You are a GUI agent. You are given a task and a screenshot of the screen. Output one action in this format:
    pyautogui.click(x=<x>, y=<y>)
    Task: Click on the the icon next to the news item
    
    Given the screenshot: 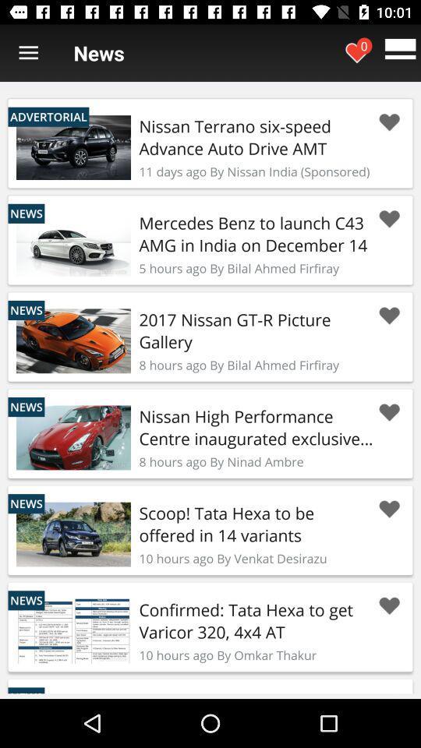 What is the action you would take?
    pyautogui.click(x=28, y=53)
    